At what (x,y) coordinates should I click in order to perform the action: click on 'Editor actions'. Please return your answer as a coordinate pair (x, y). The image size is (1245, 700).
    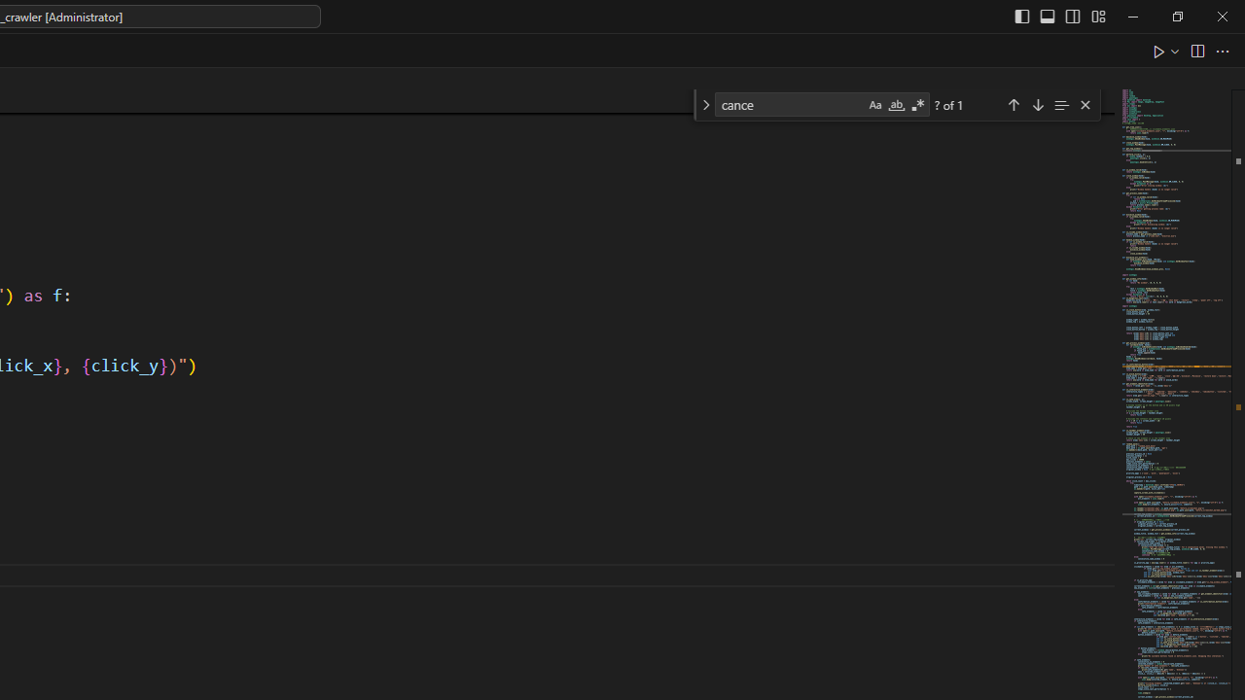
    Looking at the image, I should click on (1192, 50).